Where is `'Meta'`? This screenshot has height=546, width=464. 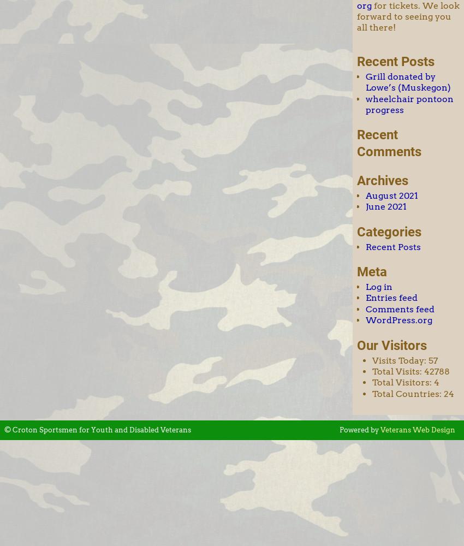
'Meta' is located at coordinates (371, 271).